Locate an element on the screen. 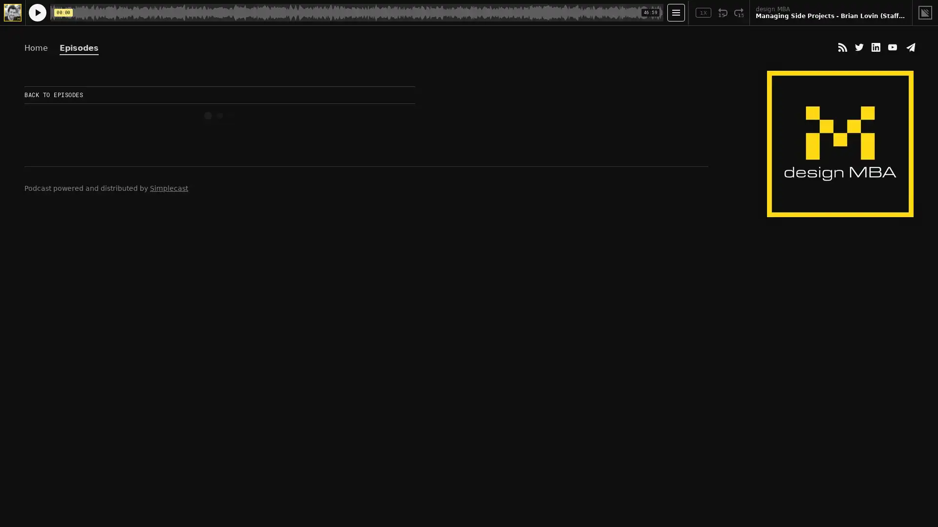 This screenshot has height=527, width=938. Rewind 15 Seconds is located at coordinates (723, 13).